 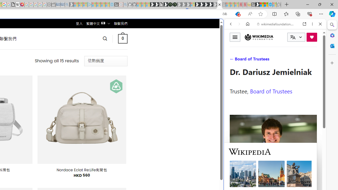 What do you see at coordinates (53, 4) in the screenshot?
I see `'Wallet - Sleeping'` at bounding box center [53, 4].